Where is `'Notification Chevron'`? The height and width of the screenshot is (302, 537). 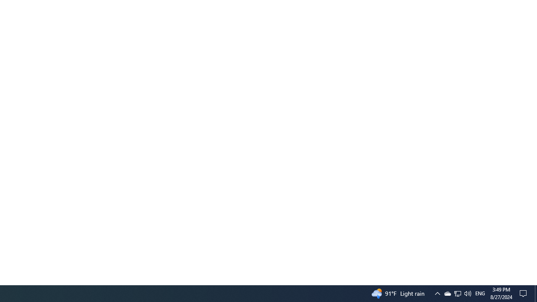 'Notification Chevron' is located at coordinates (457, 293).